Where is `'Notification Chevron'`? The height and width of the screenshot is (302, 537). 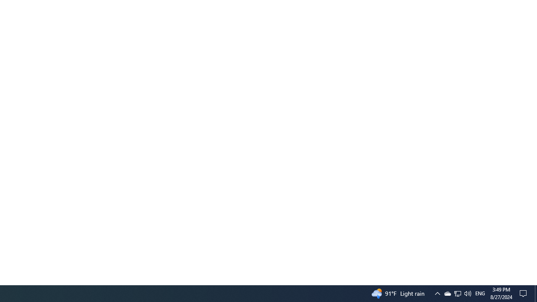 'Notification Chevron' is located at coordinates (457, 293).